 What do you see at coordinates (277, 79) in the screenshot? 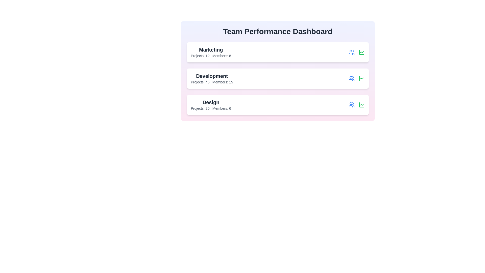
I see `the team card for Development` at bounding box center [277, 79].